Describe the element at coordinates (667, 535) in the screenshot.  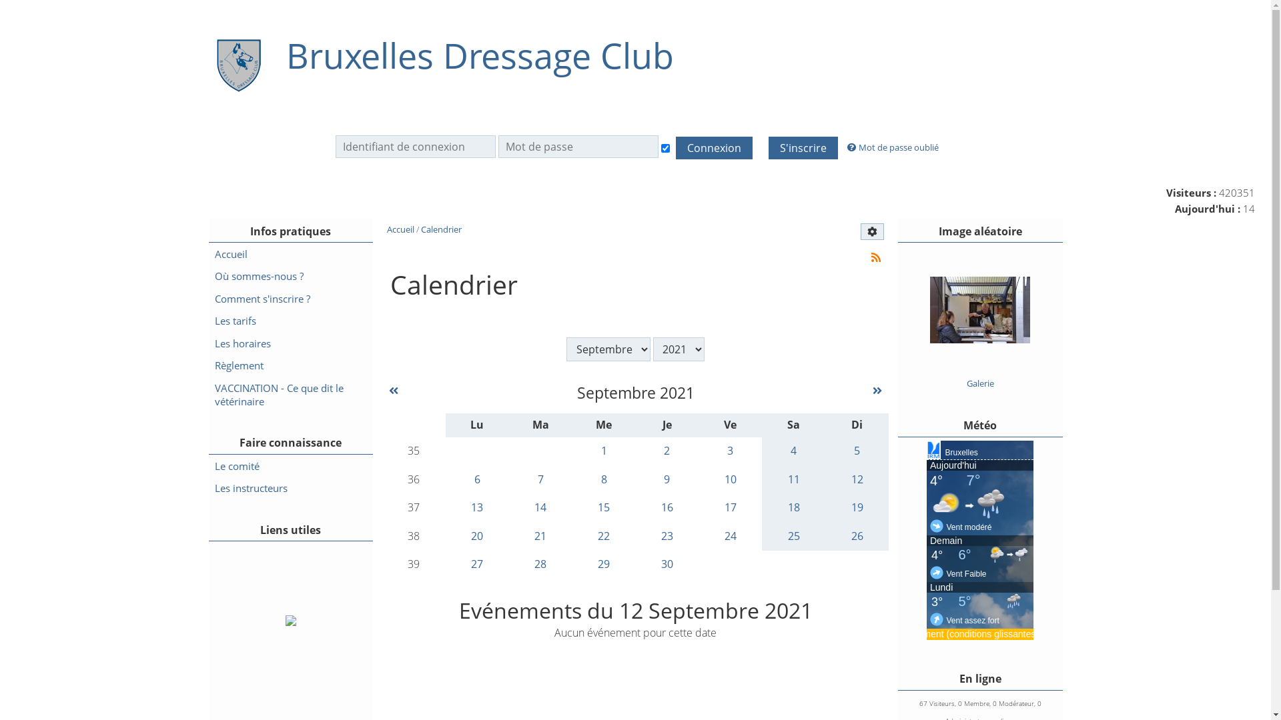
I see `'23'` at that location.